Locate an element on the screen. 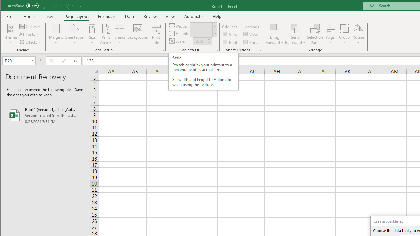  'Print Titles' is located at coordinates (156, 34).